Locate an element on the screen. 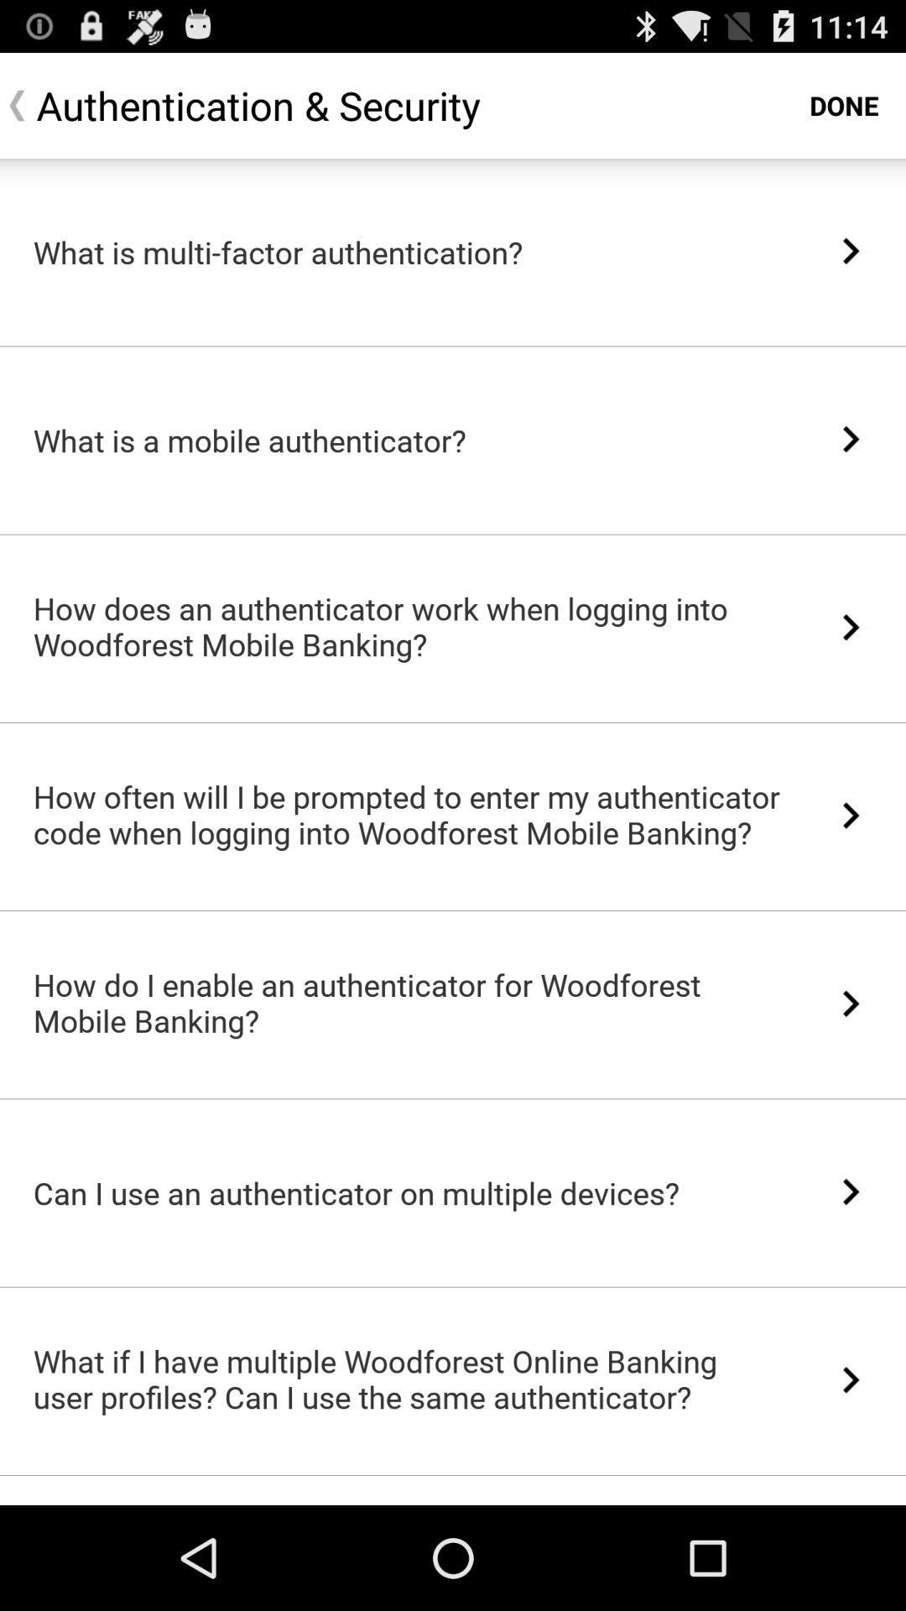 Image resolution: width=906 pixels, height=1611 pixels. item next to the how do i item is located at coordinates (851, 1004).